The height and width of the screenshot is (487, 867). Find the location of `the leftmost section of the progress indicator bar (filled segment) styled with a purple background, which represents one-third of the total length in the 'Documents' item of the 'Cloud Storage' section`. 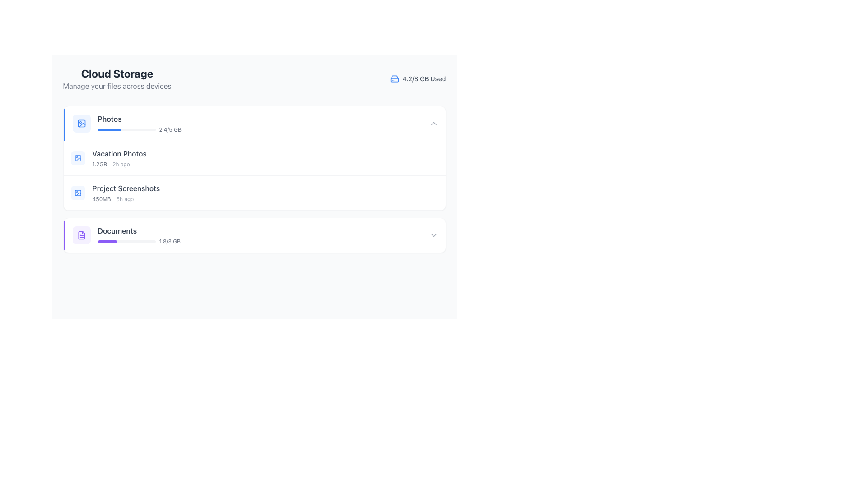

the leftmost section of the progress indicator bar (filled segment) styled with a purple background, which represents one-third of the total length in the 'Documents' item of the 'Cloud Storage' section is located at coordinates (107, 241).